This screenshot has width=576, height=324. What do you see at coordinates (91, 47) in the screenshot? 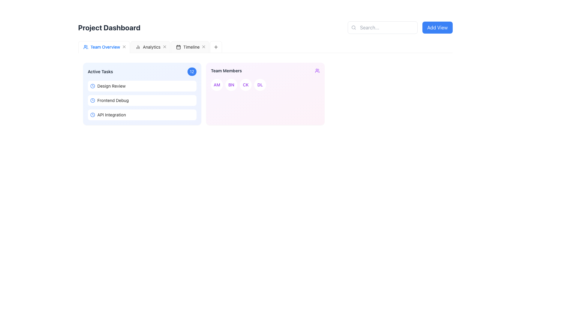
I see `the 'Team Overview' navigational tab, which is the first tab in the sequence and features a group of people icon` at bounding box center [91, 47].